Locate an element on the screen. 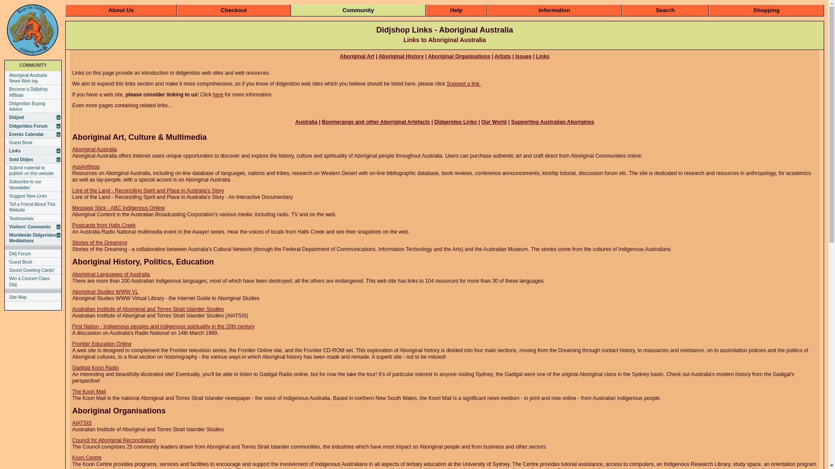 The width and height of the screenshot is (835, 469). 'Aboriginal Languages of Australia' is located at coordinates (110, 274).